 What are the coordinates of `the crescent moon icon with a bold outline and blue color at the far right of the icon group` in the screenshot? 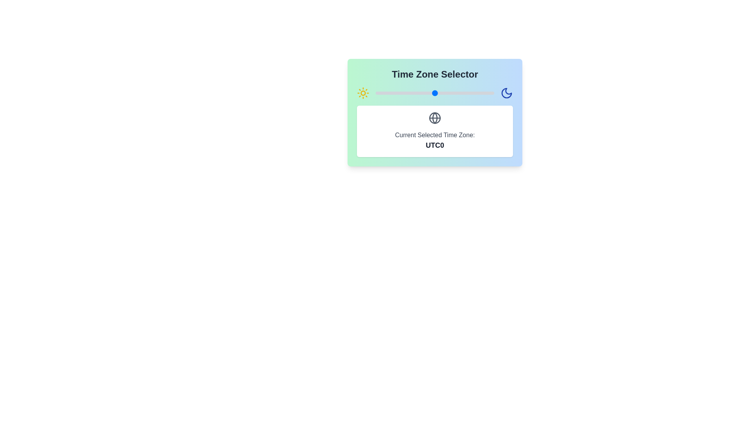 It's located at (507, 93).